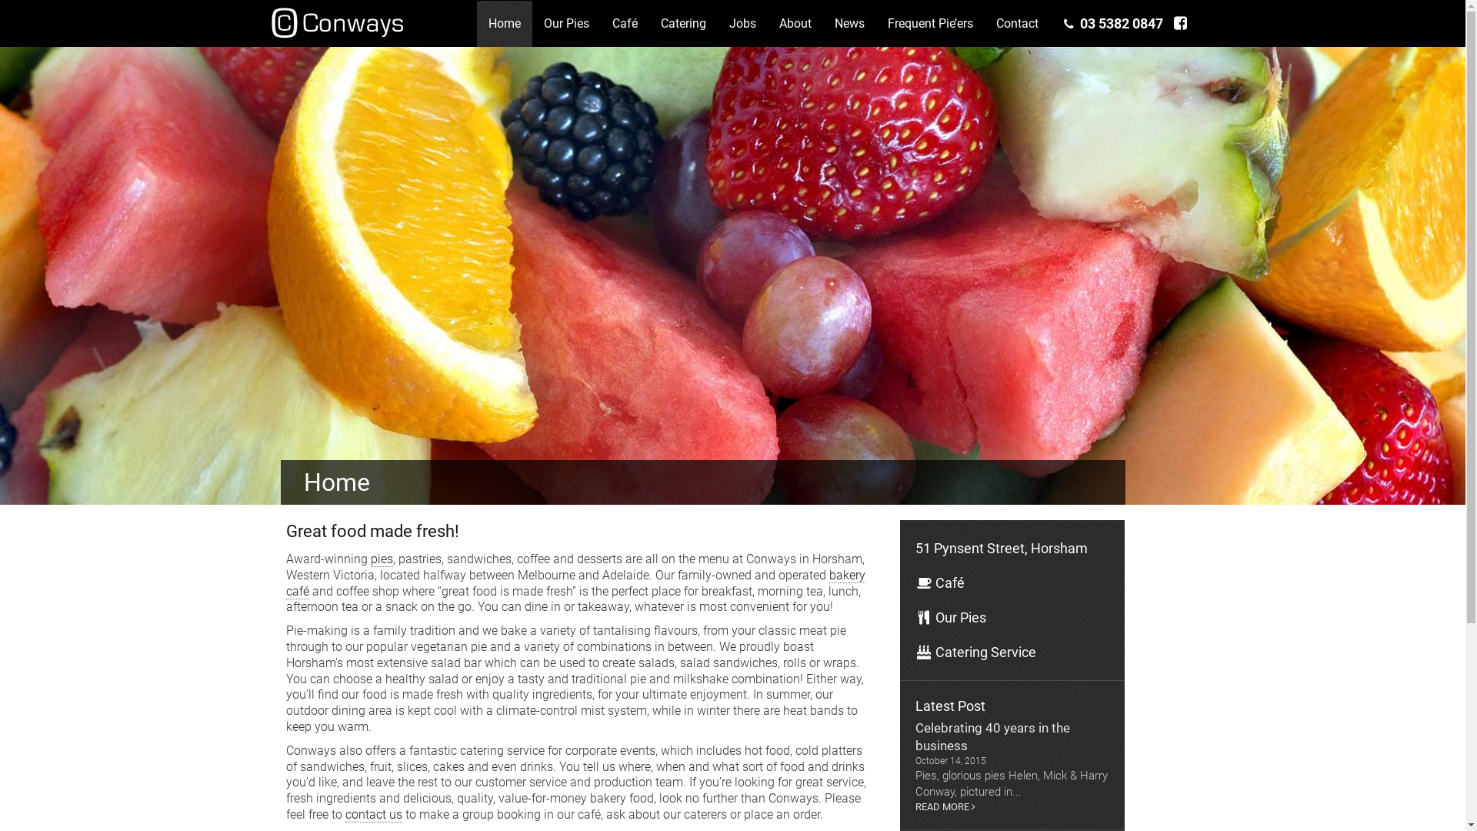 Image resolution: width=1477 pixels, height=831 pixels. What do you see at coordinates (373, 814) in the screenshot?
I see `'contact us'` at bounding box center [373, 814].